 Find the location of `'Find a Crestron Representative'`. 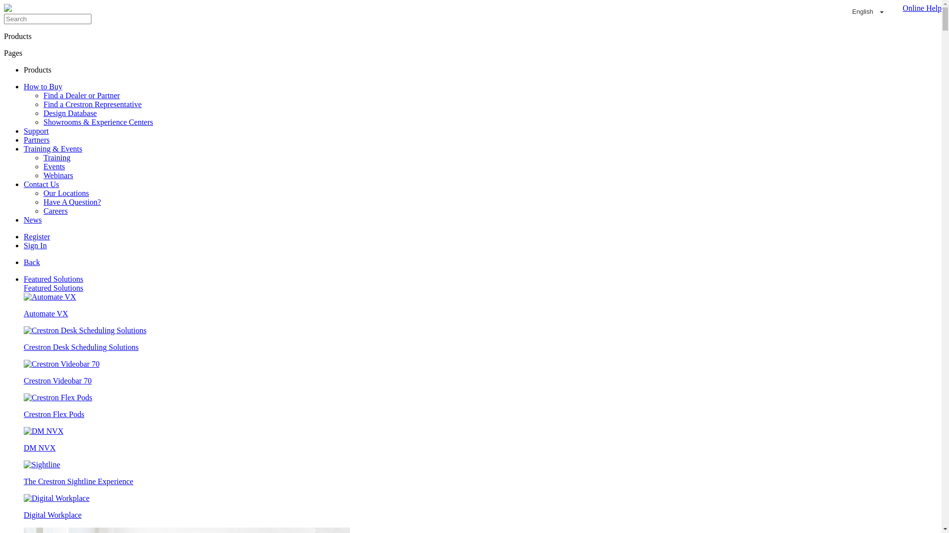

'Find a Crestron Representative' is located at coordinates (92, 104).